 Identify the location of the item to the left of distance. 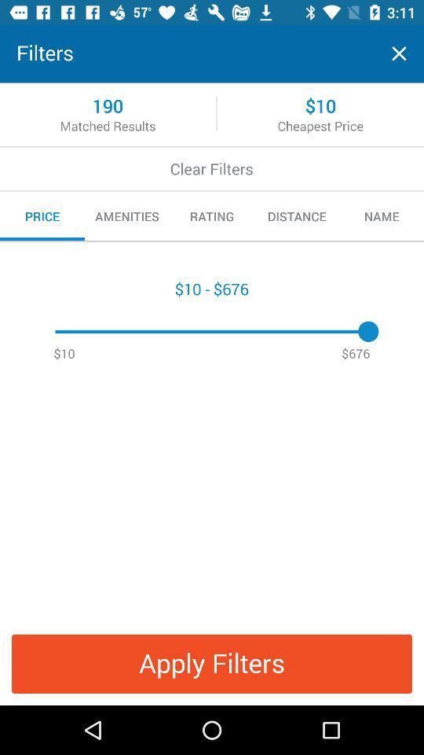
(212, 215).